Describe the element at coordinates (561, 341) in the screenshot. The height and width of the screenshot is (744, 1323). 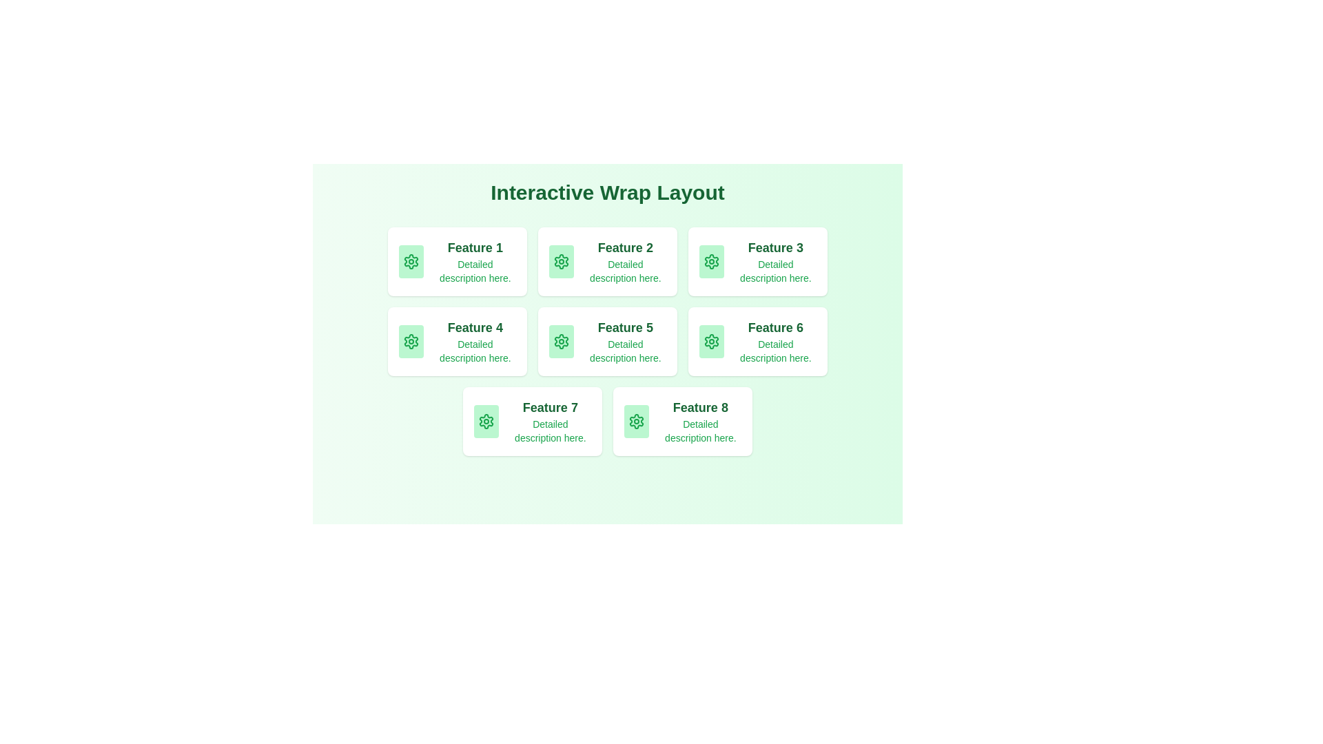
I see `the settings gear icon located in the second row, second column of the 'Feature 5' card in a 3x3 grid layout` at that location.